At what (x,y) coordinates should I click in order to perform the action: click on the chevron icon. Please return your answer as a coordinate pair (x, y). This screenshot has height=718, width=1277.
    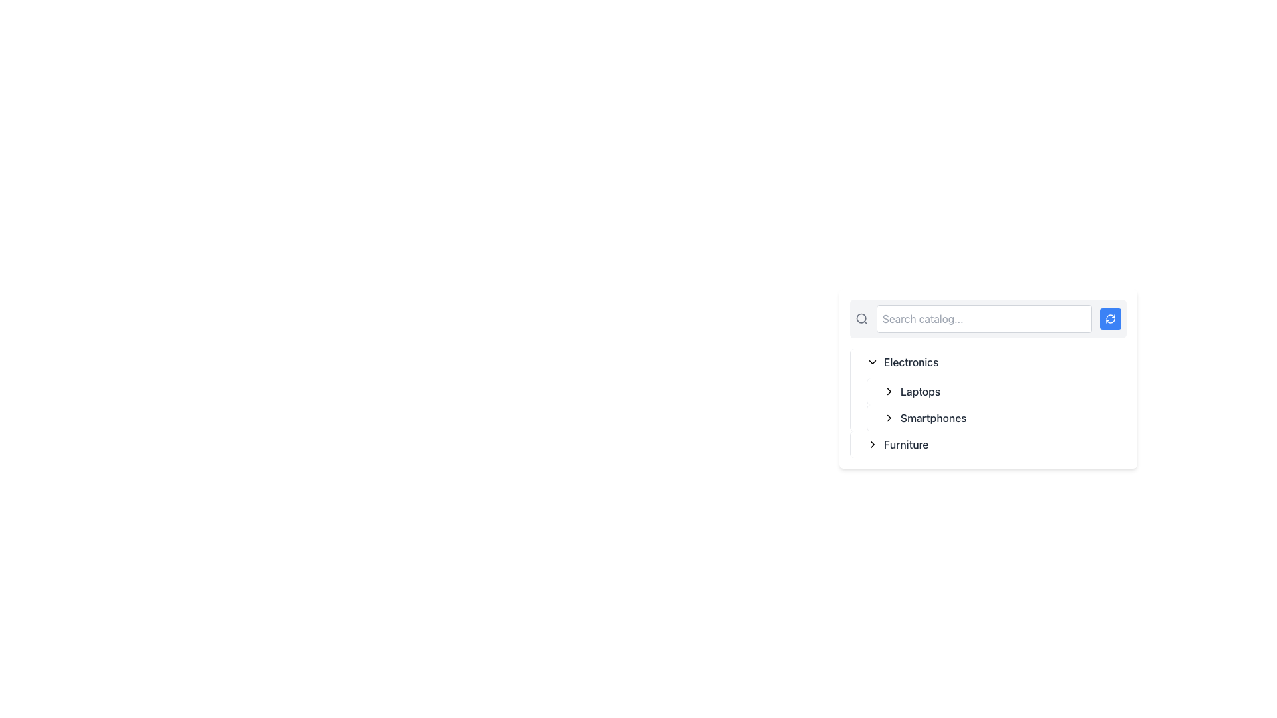
    Looking at the image, I should click on (889, 391).